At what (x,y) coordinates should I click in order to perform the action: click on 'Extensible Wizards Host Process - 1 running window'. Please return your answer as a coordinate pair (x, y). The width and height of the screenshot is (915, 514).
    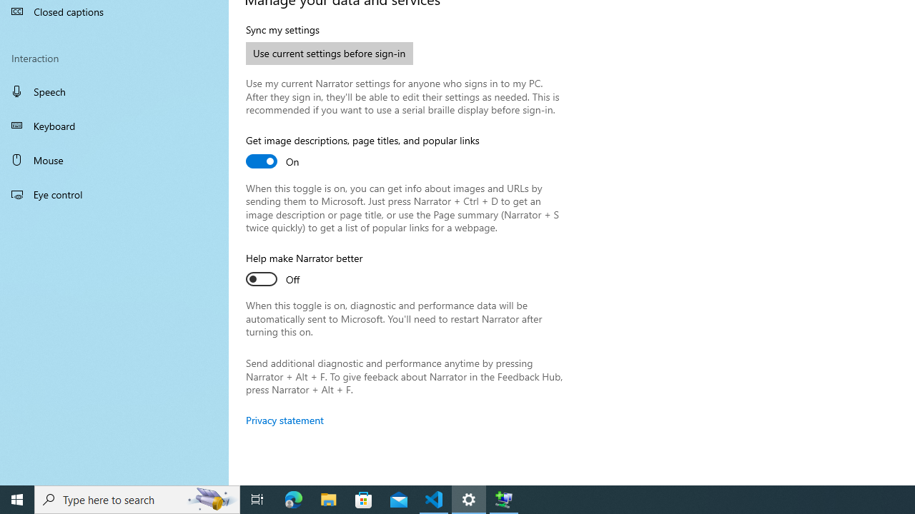
    Looking at the image, I should click on (504, 498).